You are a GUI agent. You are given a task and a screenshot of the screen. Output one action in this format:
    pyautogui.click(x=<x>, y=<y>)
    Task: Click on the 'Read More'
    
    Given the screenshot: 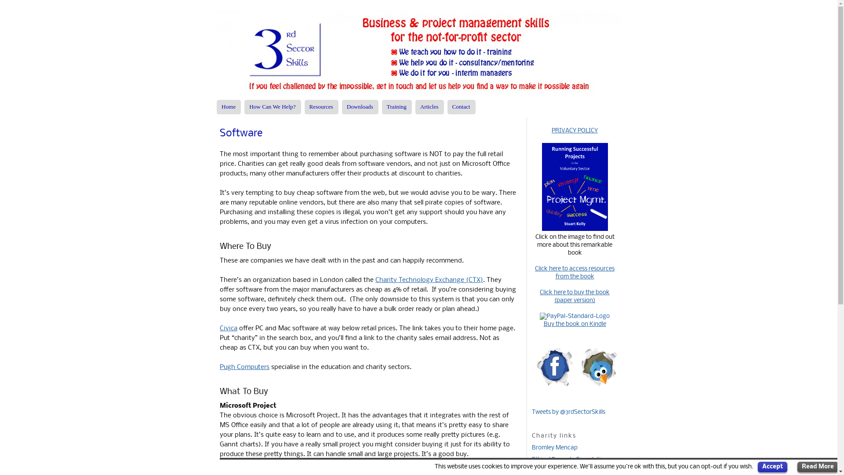 What is the action you would take?
    pyautogui.click(x=797, y=467)
    